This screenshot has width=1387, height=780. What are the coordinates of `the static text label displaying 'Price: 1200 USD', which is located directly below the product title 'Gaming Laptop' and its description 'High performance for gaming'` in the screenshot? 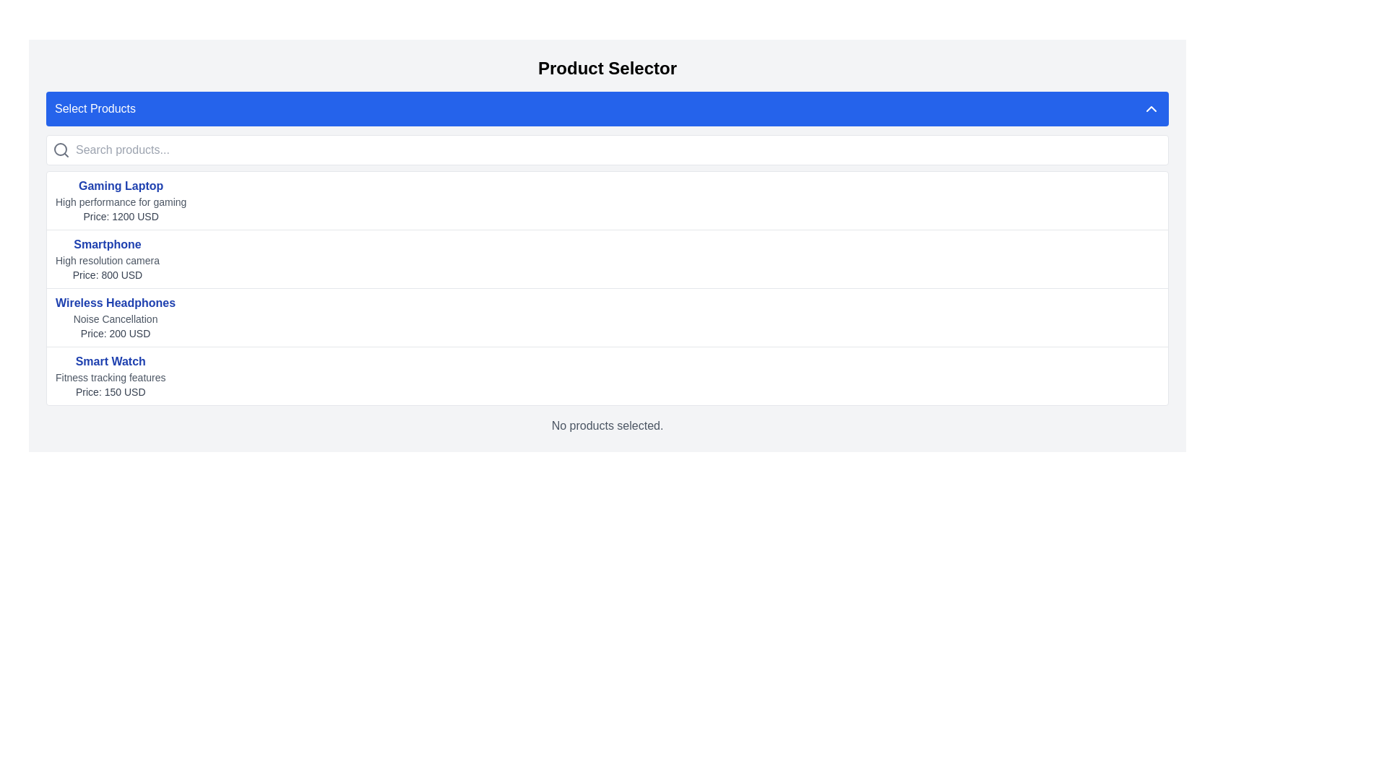 It's located at (121, 217).